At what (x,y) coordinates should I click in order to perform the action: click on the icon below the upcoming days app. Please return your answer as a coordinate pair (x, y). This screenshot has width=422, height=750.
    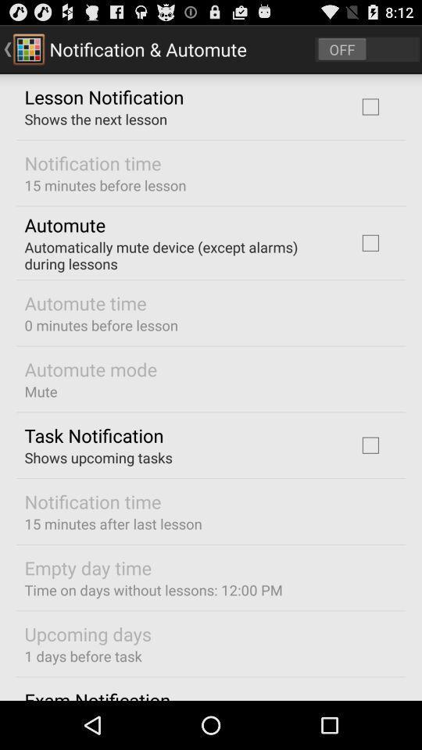
    Looking at the image, I should click on (83, 656).